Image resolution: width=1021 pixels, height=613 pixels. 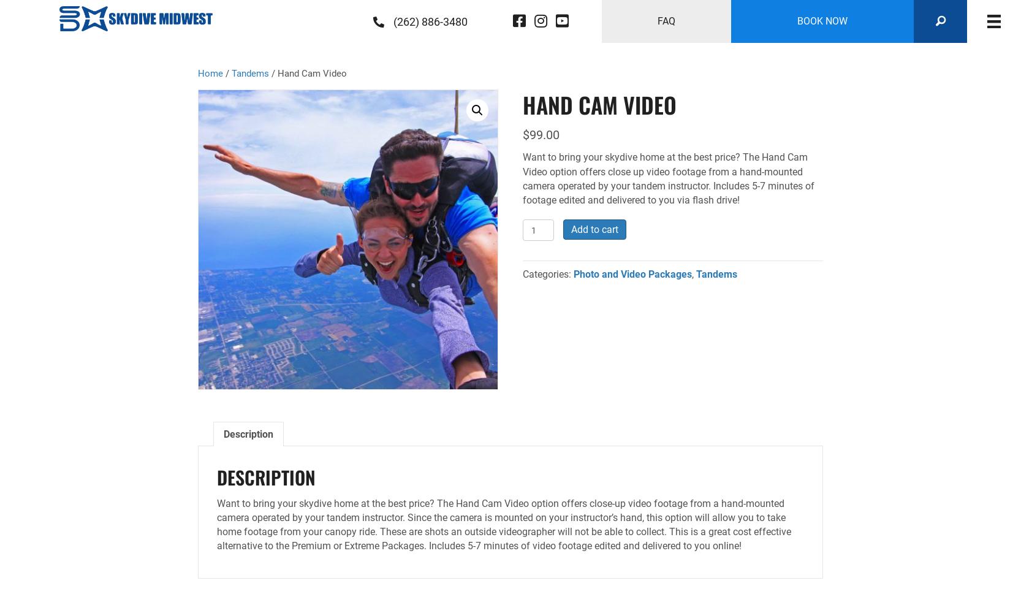 What do you see at coordinates (666, 21) in the screenshot?
I see `'FAQ'` at bounding box center [666, 21].